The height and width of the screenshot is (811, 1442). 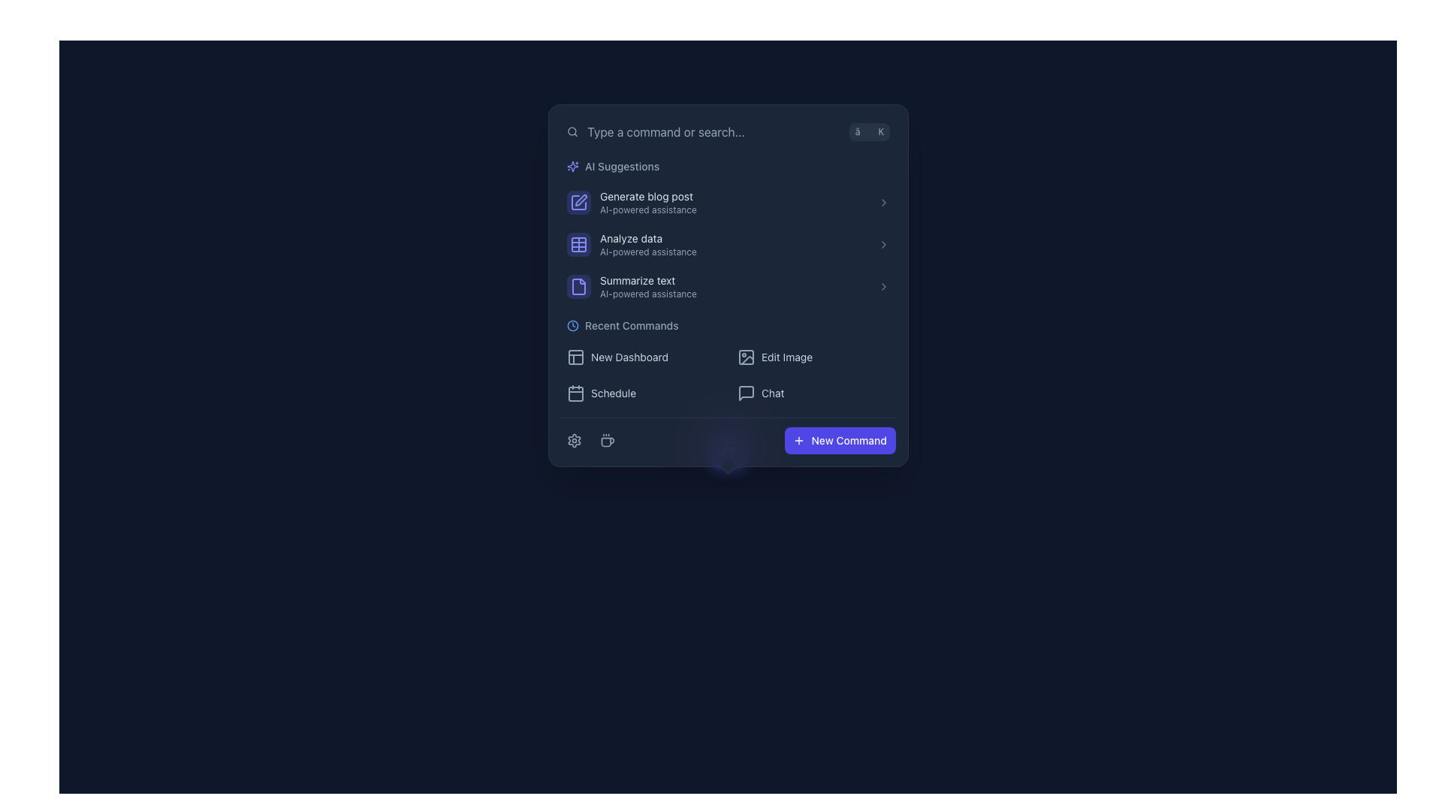 I want to click on the clock icon representing the 'Recent Commands' label, located to the left of the 'Recent Commands' text in the dropdown panel for visual association, so click(x=572, y=325).